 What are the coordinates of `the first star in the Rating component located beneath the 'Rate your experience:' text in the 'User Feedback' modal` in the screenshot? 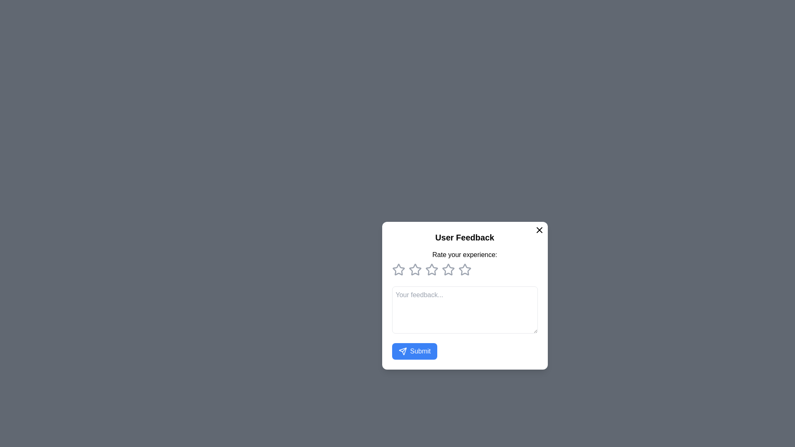 It's located at (465, 269).